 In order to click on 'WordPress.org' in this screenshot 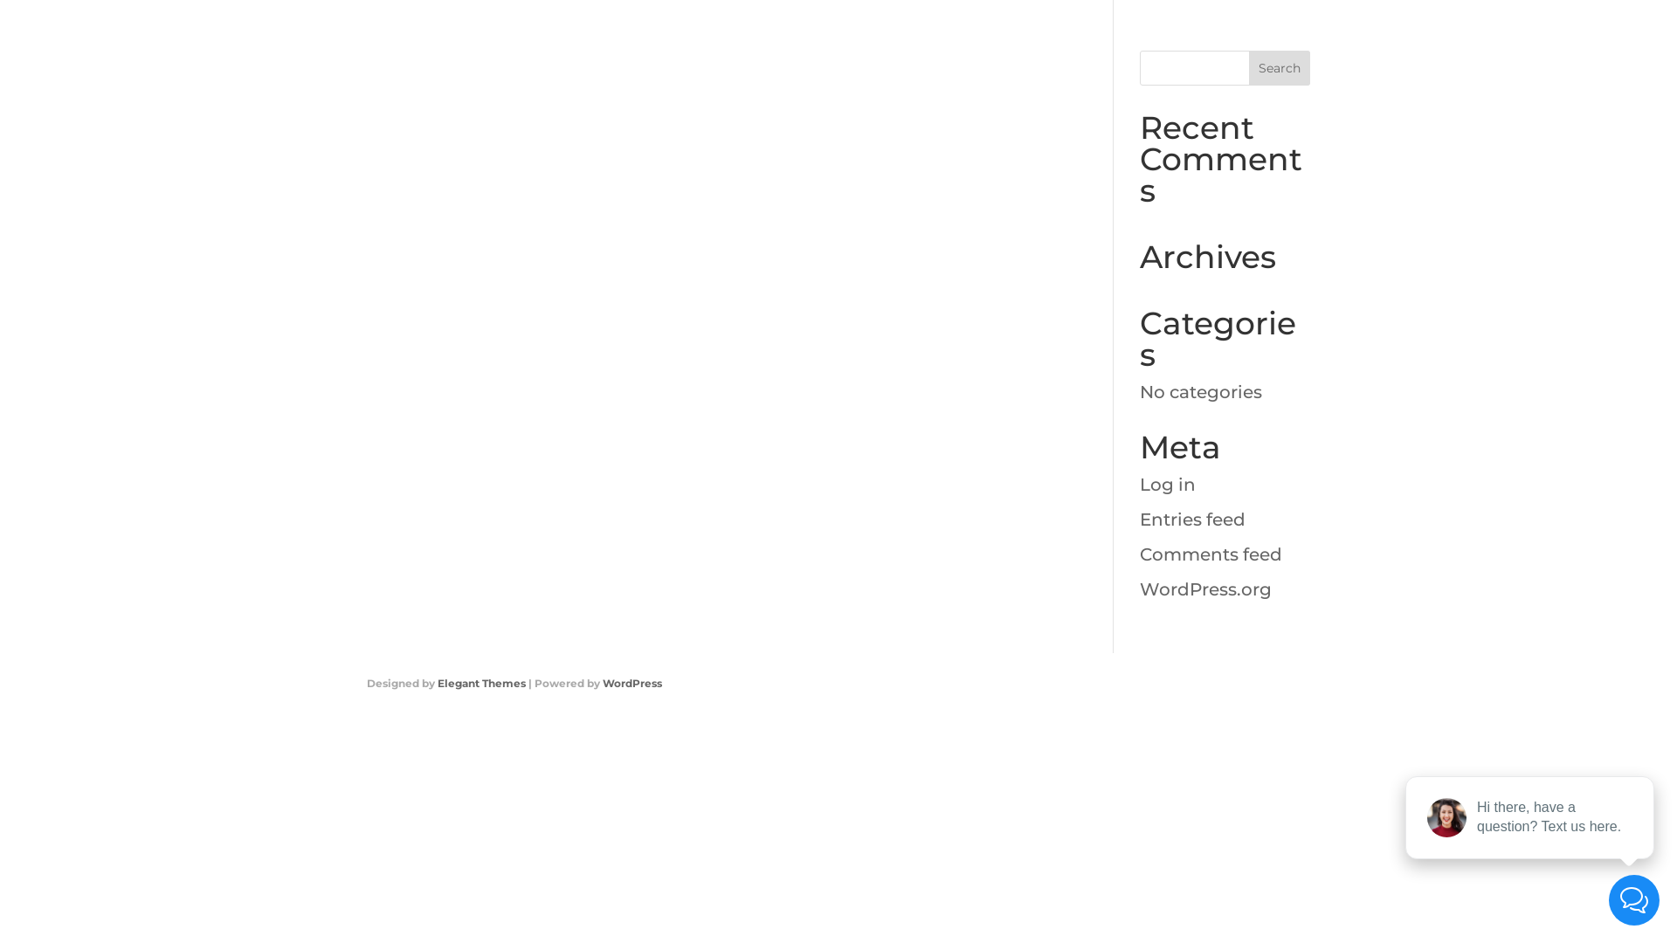, I will do `click(1204, 589)`.